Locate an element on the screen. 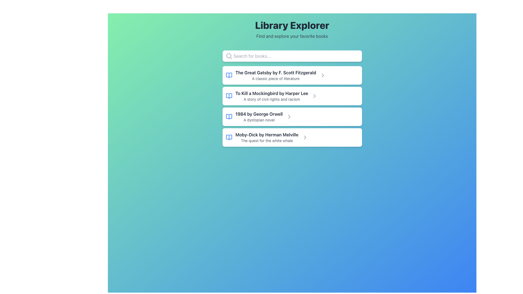 The width and height of the screenshot is (523, 294). the open book icon with a blue outline located to the left of the 'Moby-Dick by Herman Melville' list item is located at coordinates (229, 137).